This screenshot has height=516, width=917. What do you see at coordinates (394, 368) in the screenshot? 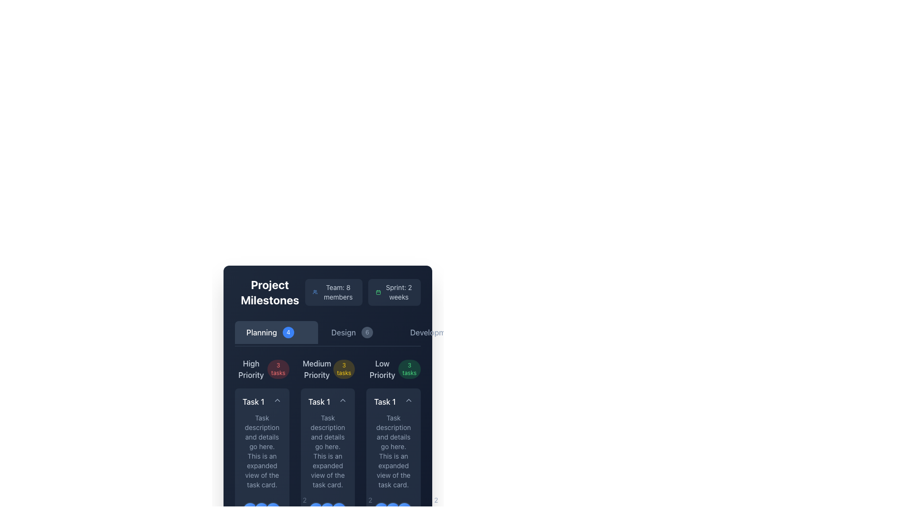
I see `the Category Header Label displaying 'Low Priority' and '3 tasks'` at bounding box center [394, 368].